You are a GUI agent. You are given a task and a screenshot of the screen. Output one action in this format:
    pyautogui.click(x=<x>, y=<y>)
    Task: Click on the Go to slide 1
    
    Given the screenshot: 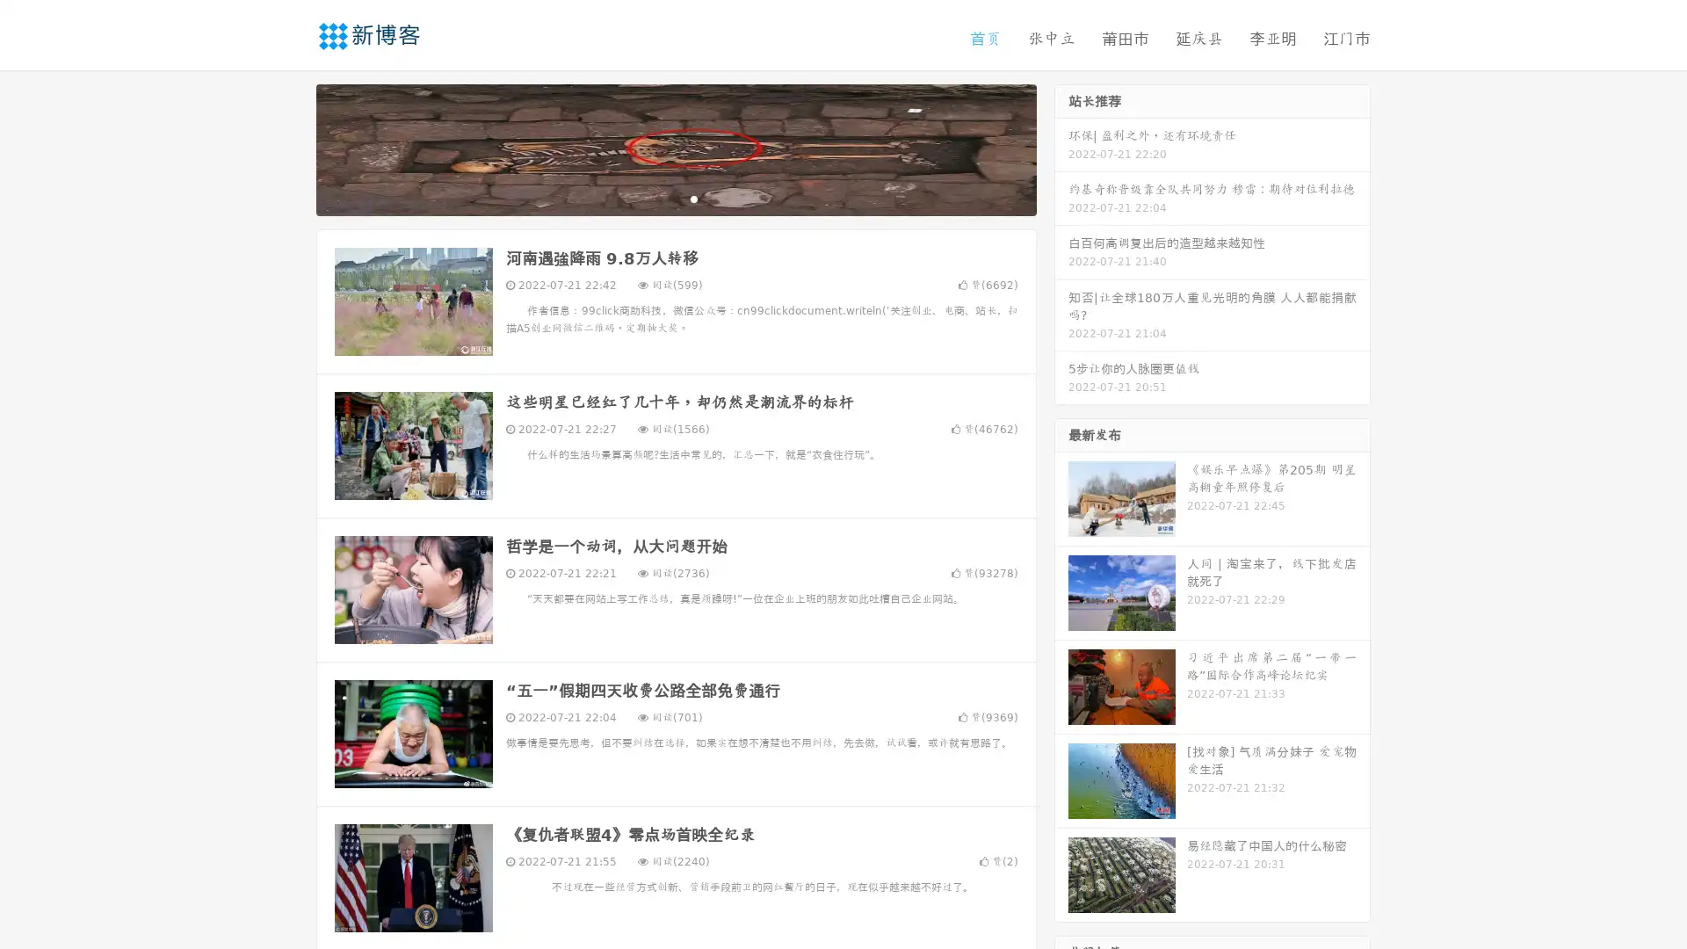 What is the action you would take?
    pyautogui.click(x=657, y=198)
    